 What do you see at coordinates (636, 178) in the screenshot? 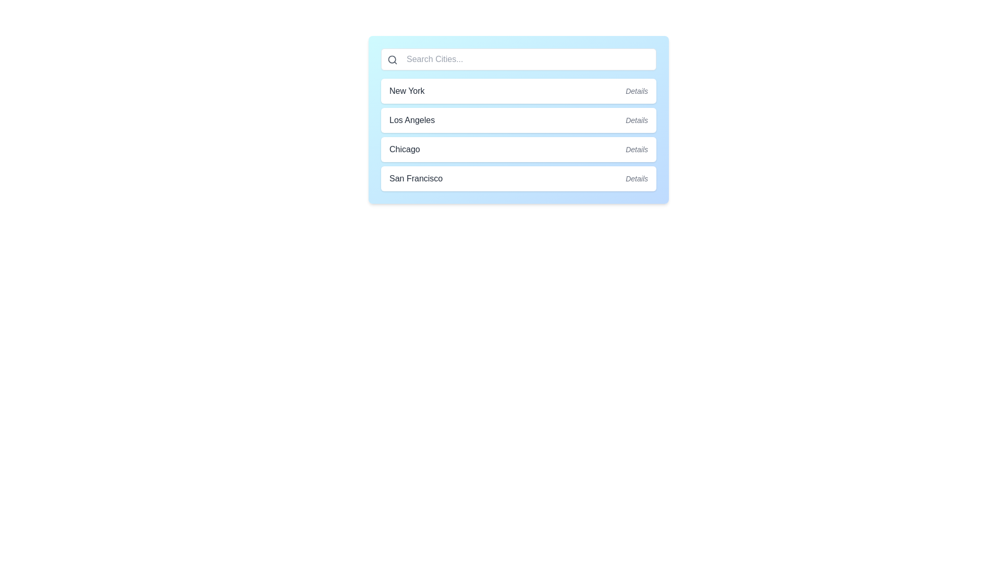
I see `informational text label associated with the 'San Francisco' entry, located at the bottom of the vertical list of similar rows` at bounding box center [636, 178].